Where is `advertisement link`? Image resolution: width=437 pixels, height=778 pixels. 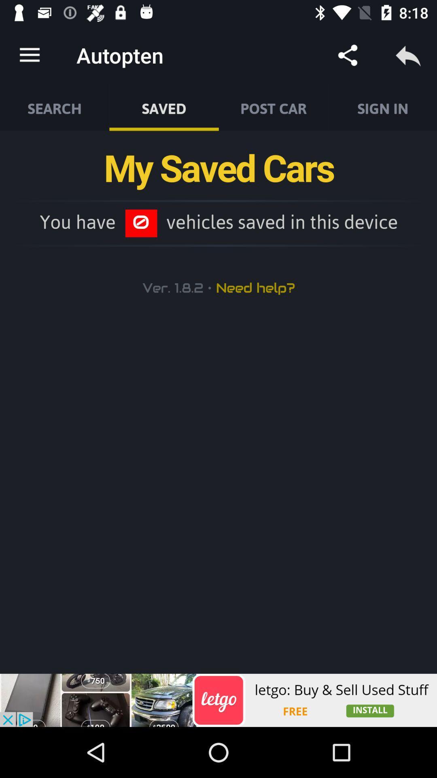
advertisement link is located at coordinates (218, 700).